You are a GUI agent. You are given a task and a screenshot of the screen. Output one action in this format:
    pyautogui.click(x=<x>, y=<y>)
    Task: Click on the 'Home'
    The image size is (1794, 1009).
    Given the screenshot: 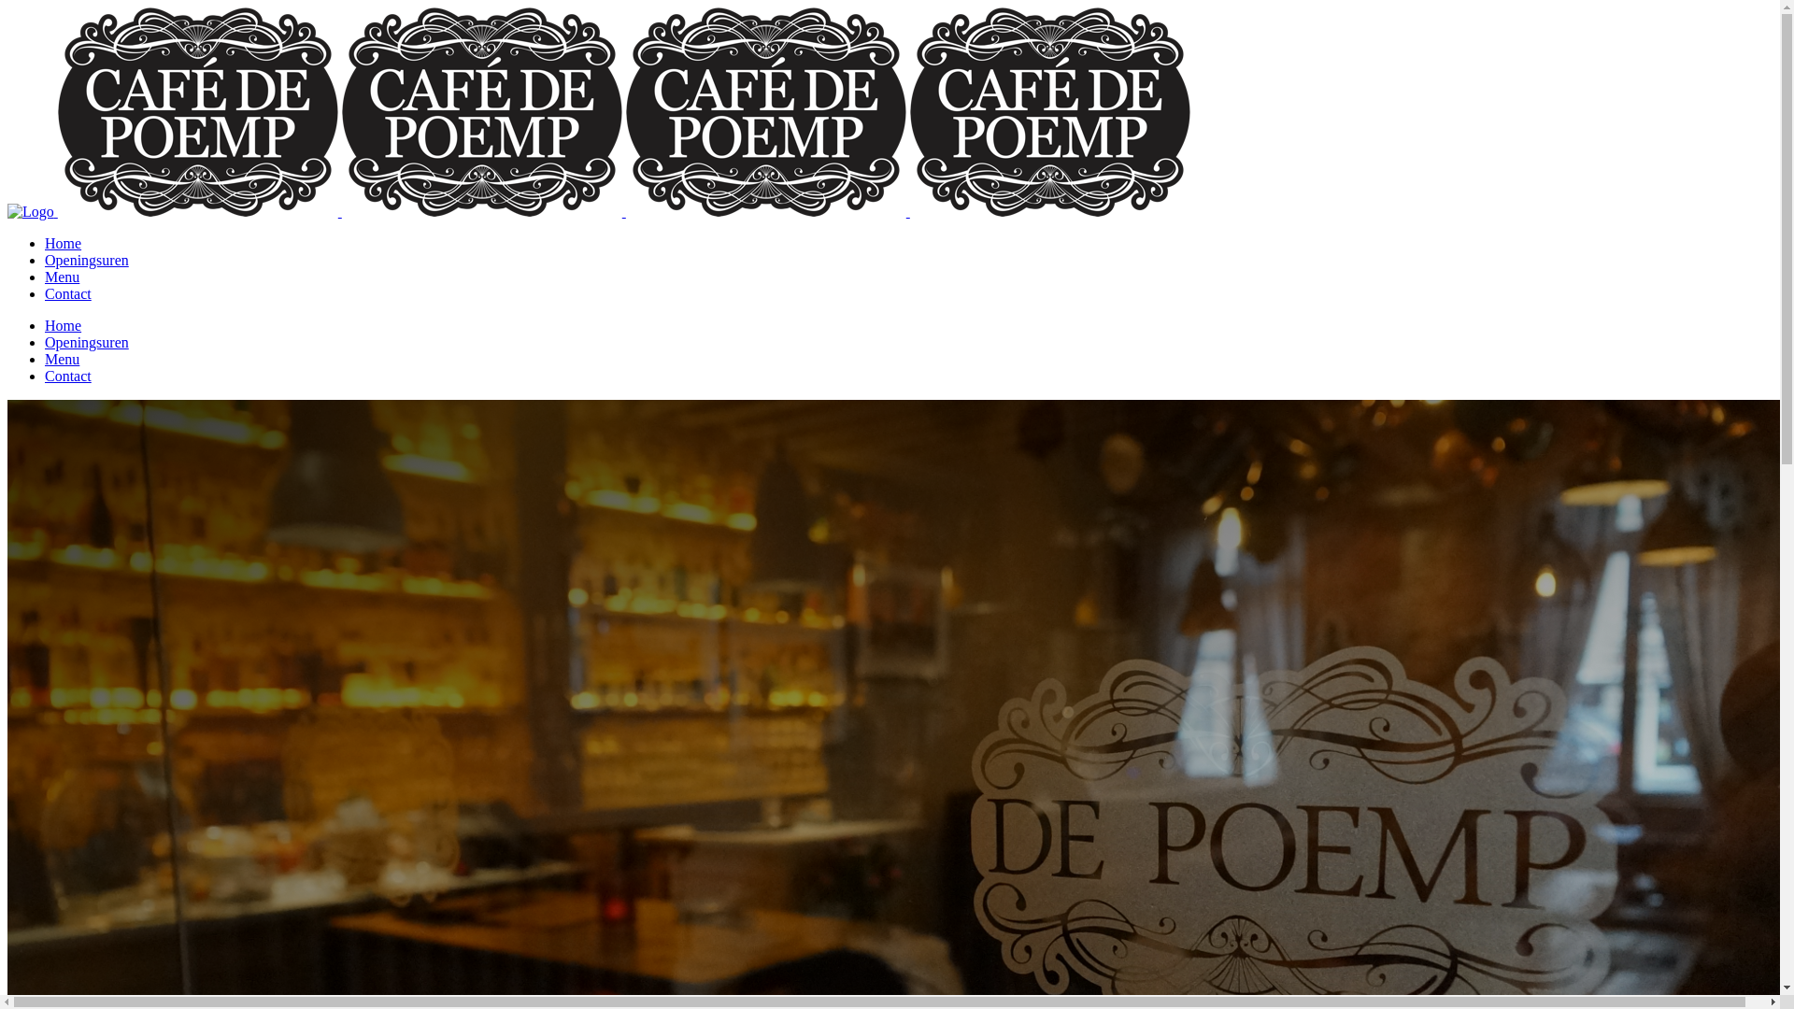 What is the action you would take?
    pyautogui.click(x=63, y=324)
    